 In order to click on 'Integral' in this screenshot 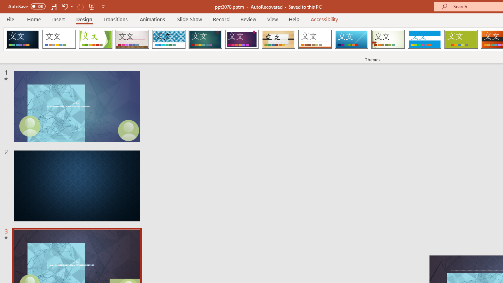, I will do `click(168, 39)`.